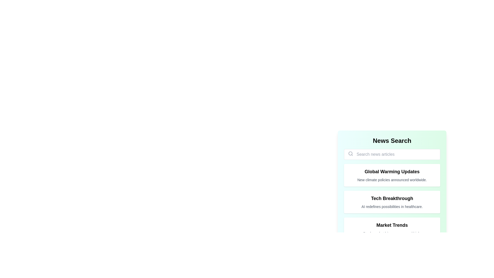 Image resolution: width=494 pixels, height=278 pixels. I want to click on the text snippet reading 'AI redefines possibilities in healthcare.' which is located beneath the bold header 'Tech Breakthrough' within the highlighted card, so click(392, 206).